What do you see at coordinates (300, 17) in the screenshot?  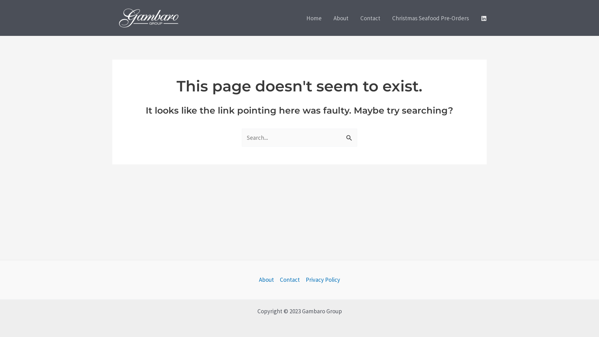 I see `'Home'` at bounding box center [300, 17].